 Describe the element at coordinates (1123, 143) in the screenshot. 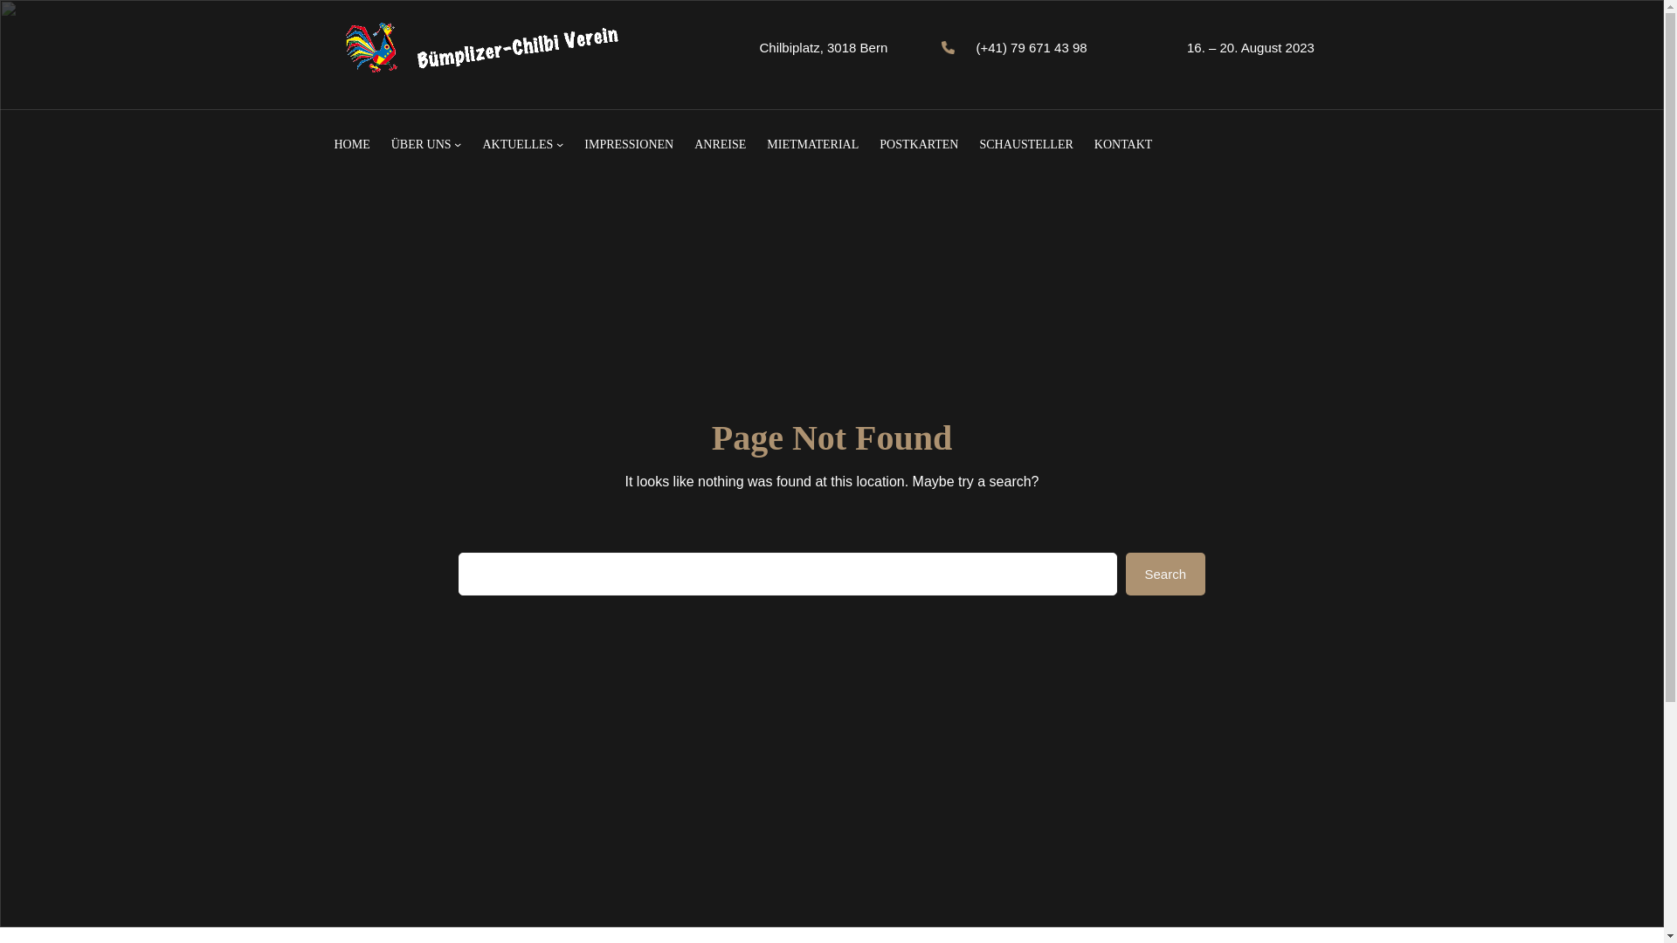

I see `'KONTAKT'` at that location.